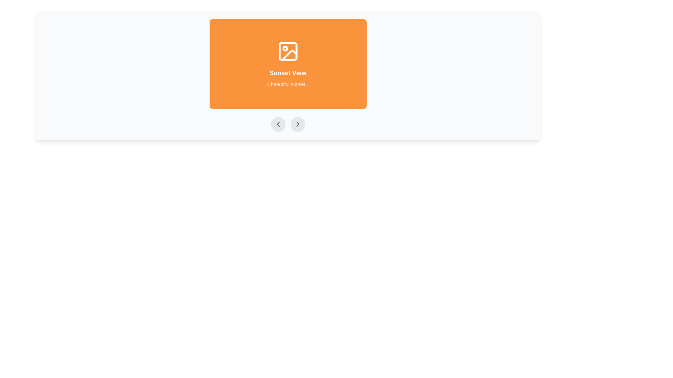 Image resolution: width=673 pixels, height=378 pixels. What do you see at coordinates (278, 124) in the screenshot?
I see `the left-pointing arrow icon within the circular button` at bounding box center [278, 124].